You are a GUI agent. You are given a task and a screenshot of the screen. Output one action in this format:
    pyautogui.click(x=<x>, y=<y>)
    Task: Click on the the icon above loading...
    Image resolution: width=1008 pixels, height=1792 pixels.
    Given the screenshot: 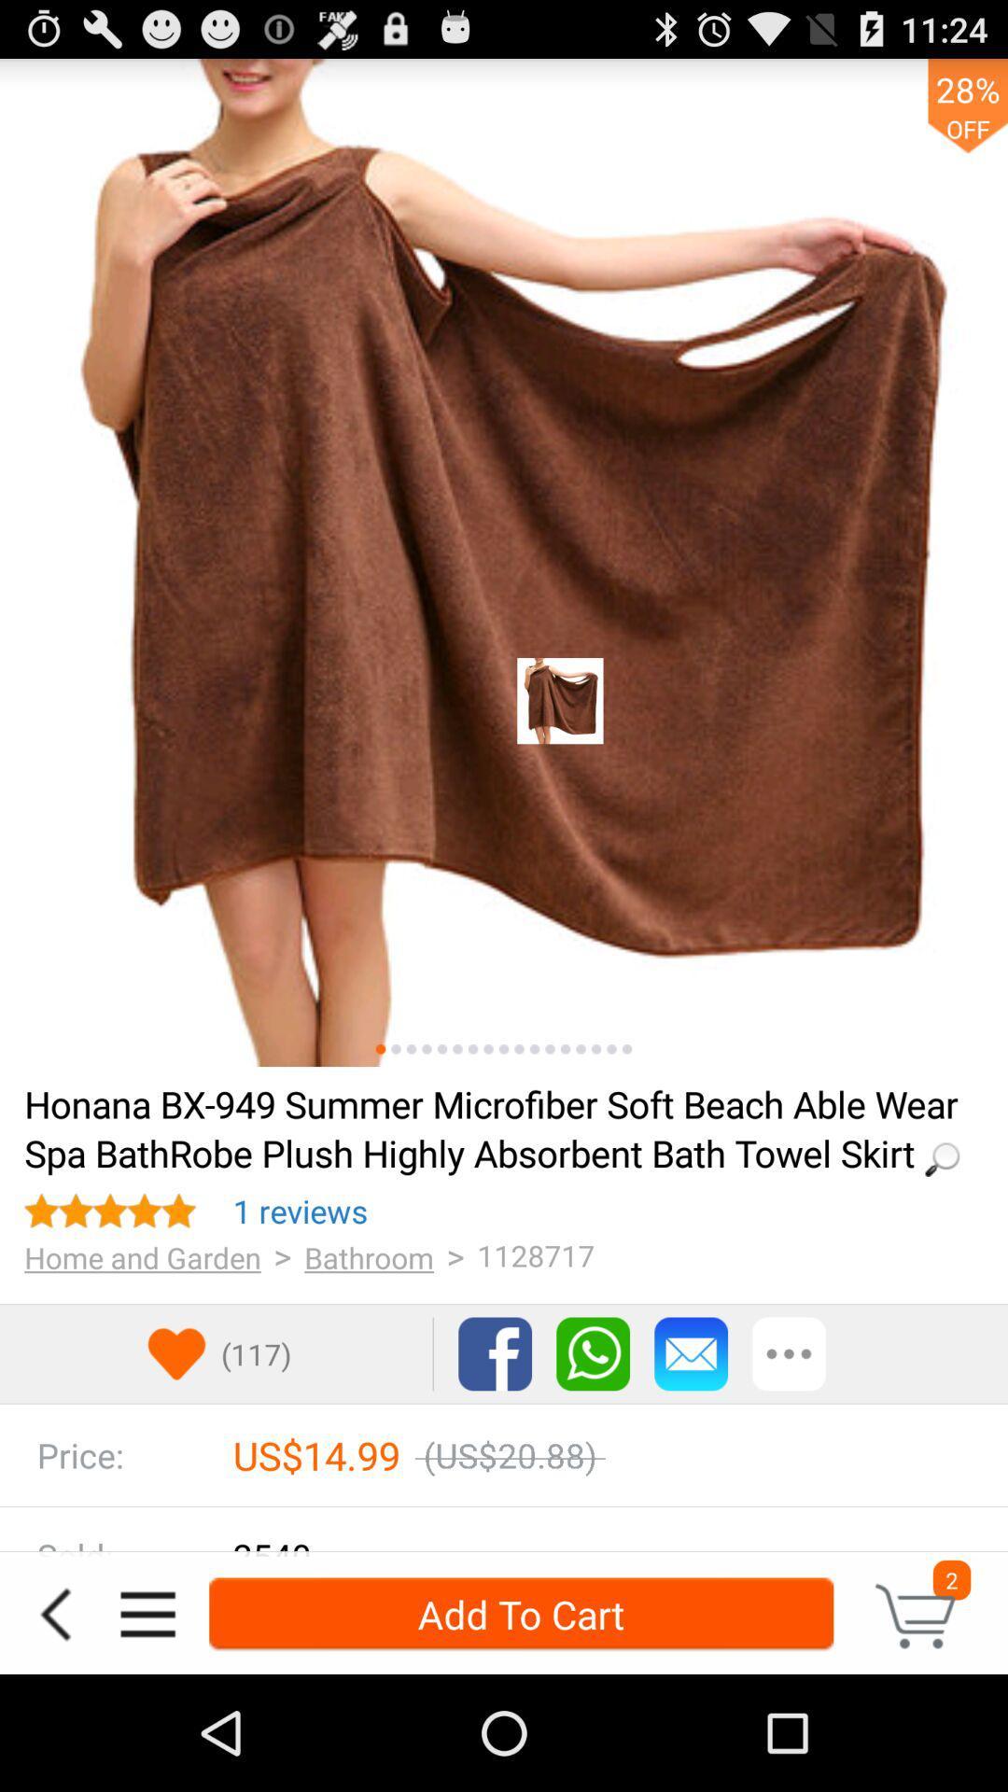 What is the action you would take?
    pyautogui.click(x=519, y=1049)
    